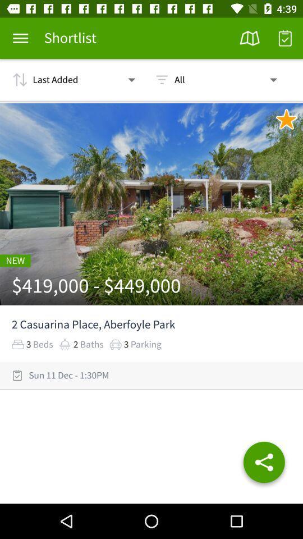  Describe the element at coordinates (20, 38) in the screenshot. I see `more details` at that location.